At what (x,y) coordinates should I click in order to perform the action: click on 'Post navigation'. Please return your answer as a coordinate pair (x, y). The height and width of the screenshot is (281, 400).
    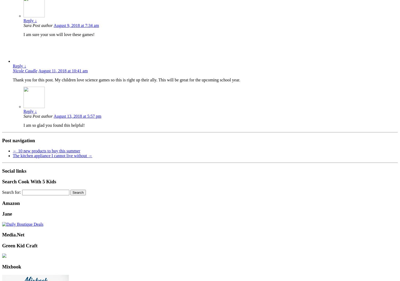
    Looking at the image, I should click on (18, 140).